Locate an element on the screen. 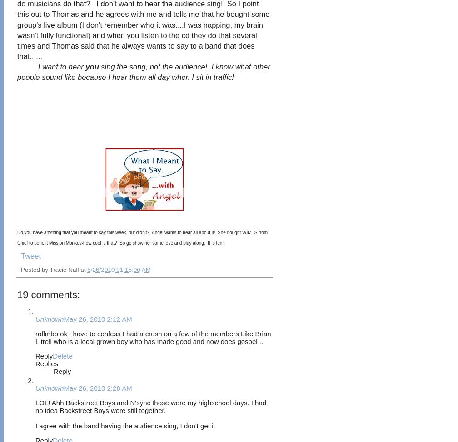 The height and width of the screenshot is (442, 458). 'roflmbo  ok I have to confess I had a crush on a few of the members Like Brian Litrell who is a local grown boy who has made good and now does gospel ..' is located at coordinates (153, 336).